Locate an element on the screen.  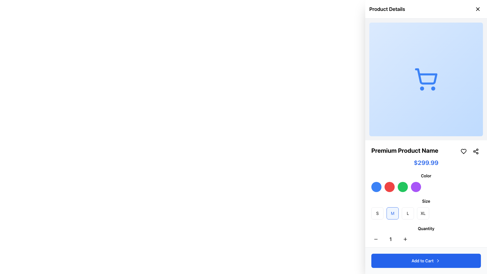
the product name text label located on the right side of the interface, below the shopping cart image, and above the price label is located at coordinates (426, 151).